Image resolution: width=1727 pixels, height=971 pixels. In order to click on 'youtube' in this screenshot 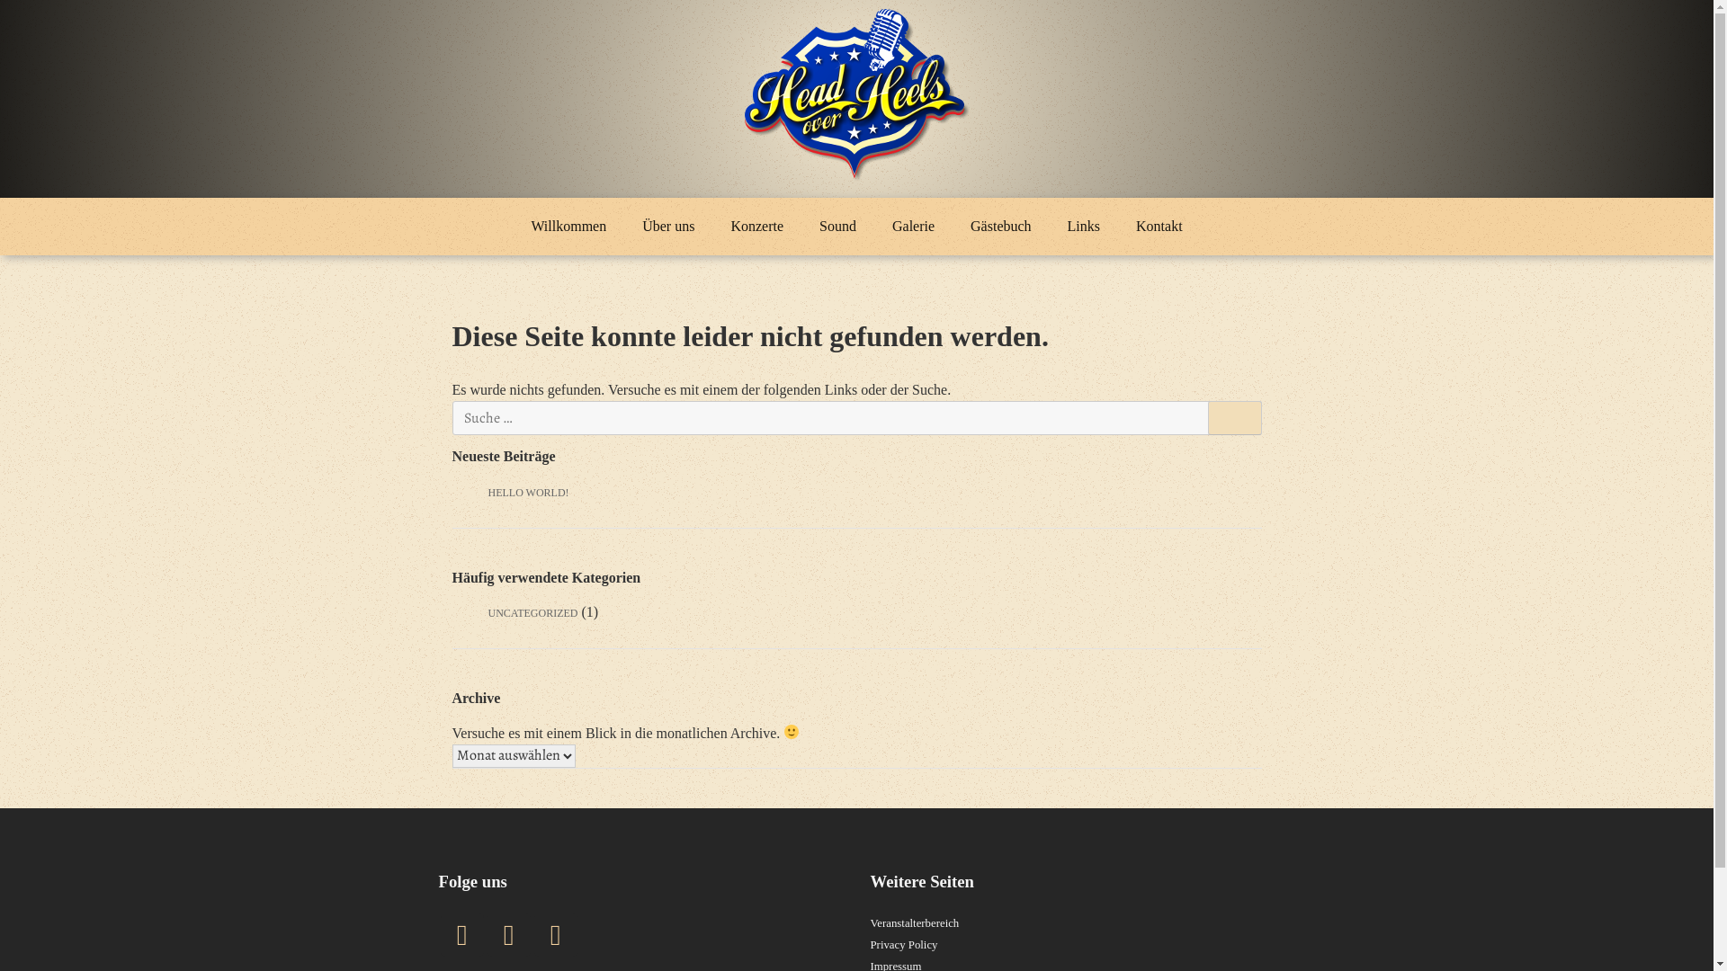, I will do `click(555, 934)`.